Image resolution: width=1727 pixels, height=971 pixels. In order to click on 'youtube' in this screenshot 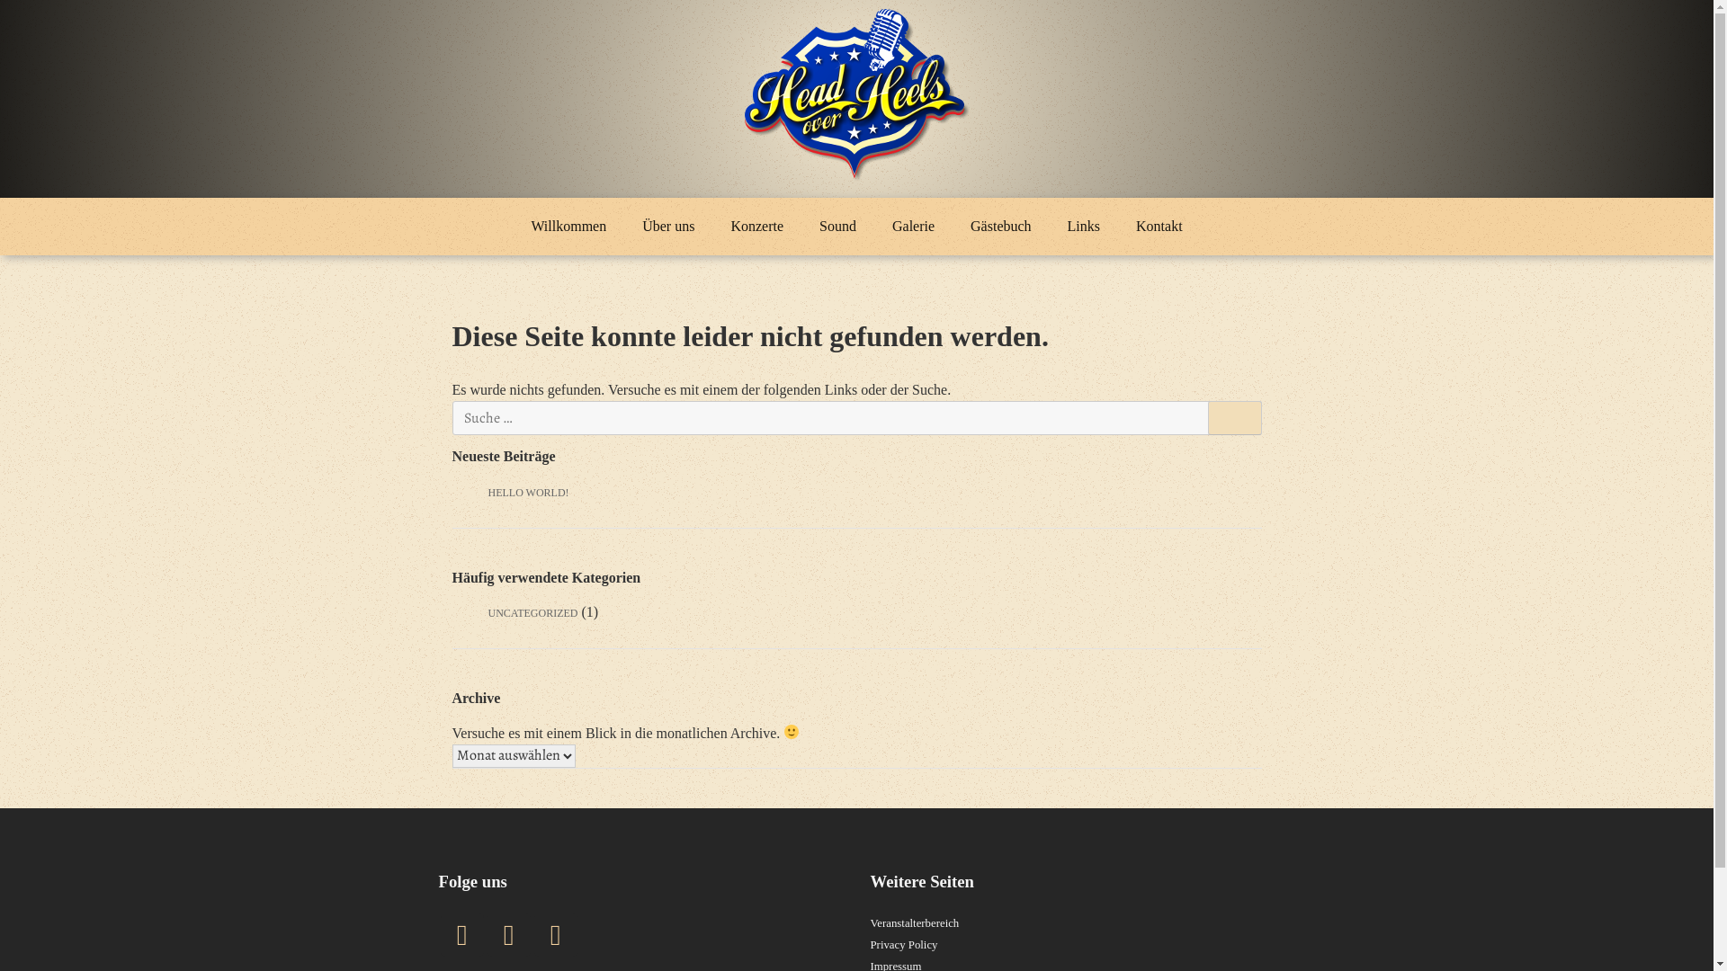, I will do `click(555, 934)`.